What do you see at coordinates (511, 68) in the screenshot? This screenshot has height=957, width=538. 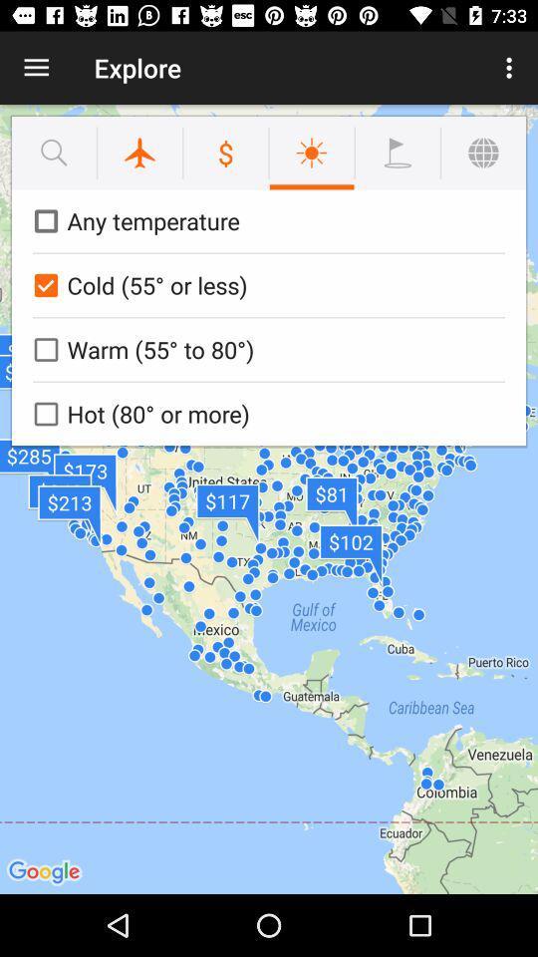 I see `icon next to the explore` at bounding box center [511, 68].